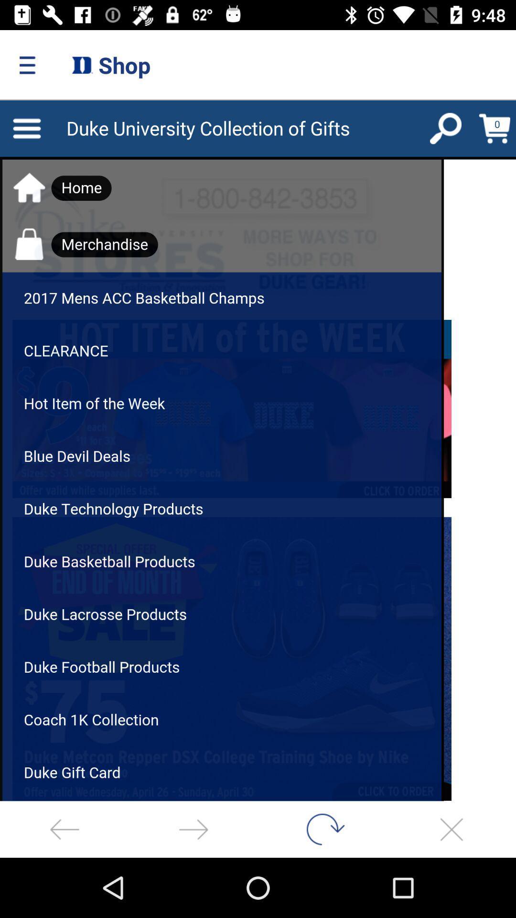 The height and width of the screenshot is (918, 516). Describe the element at coordinates (193, 829) in the screenshot. I see `next` at that location.